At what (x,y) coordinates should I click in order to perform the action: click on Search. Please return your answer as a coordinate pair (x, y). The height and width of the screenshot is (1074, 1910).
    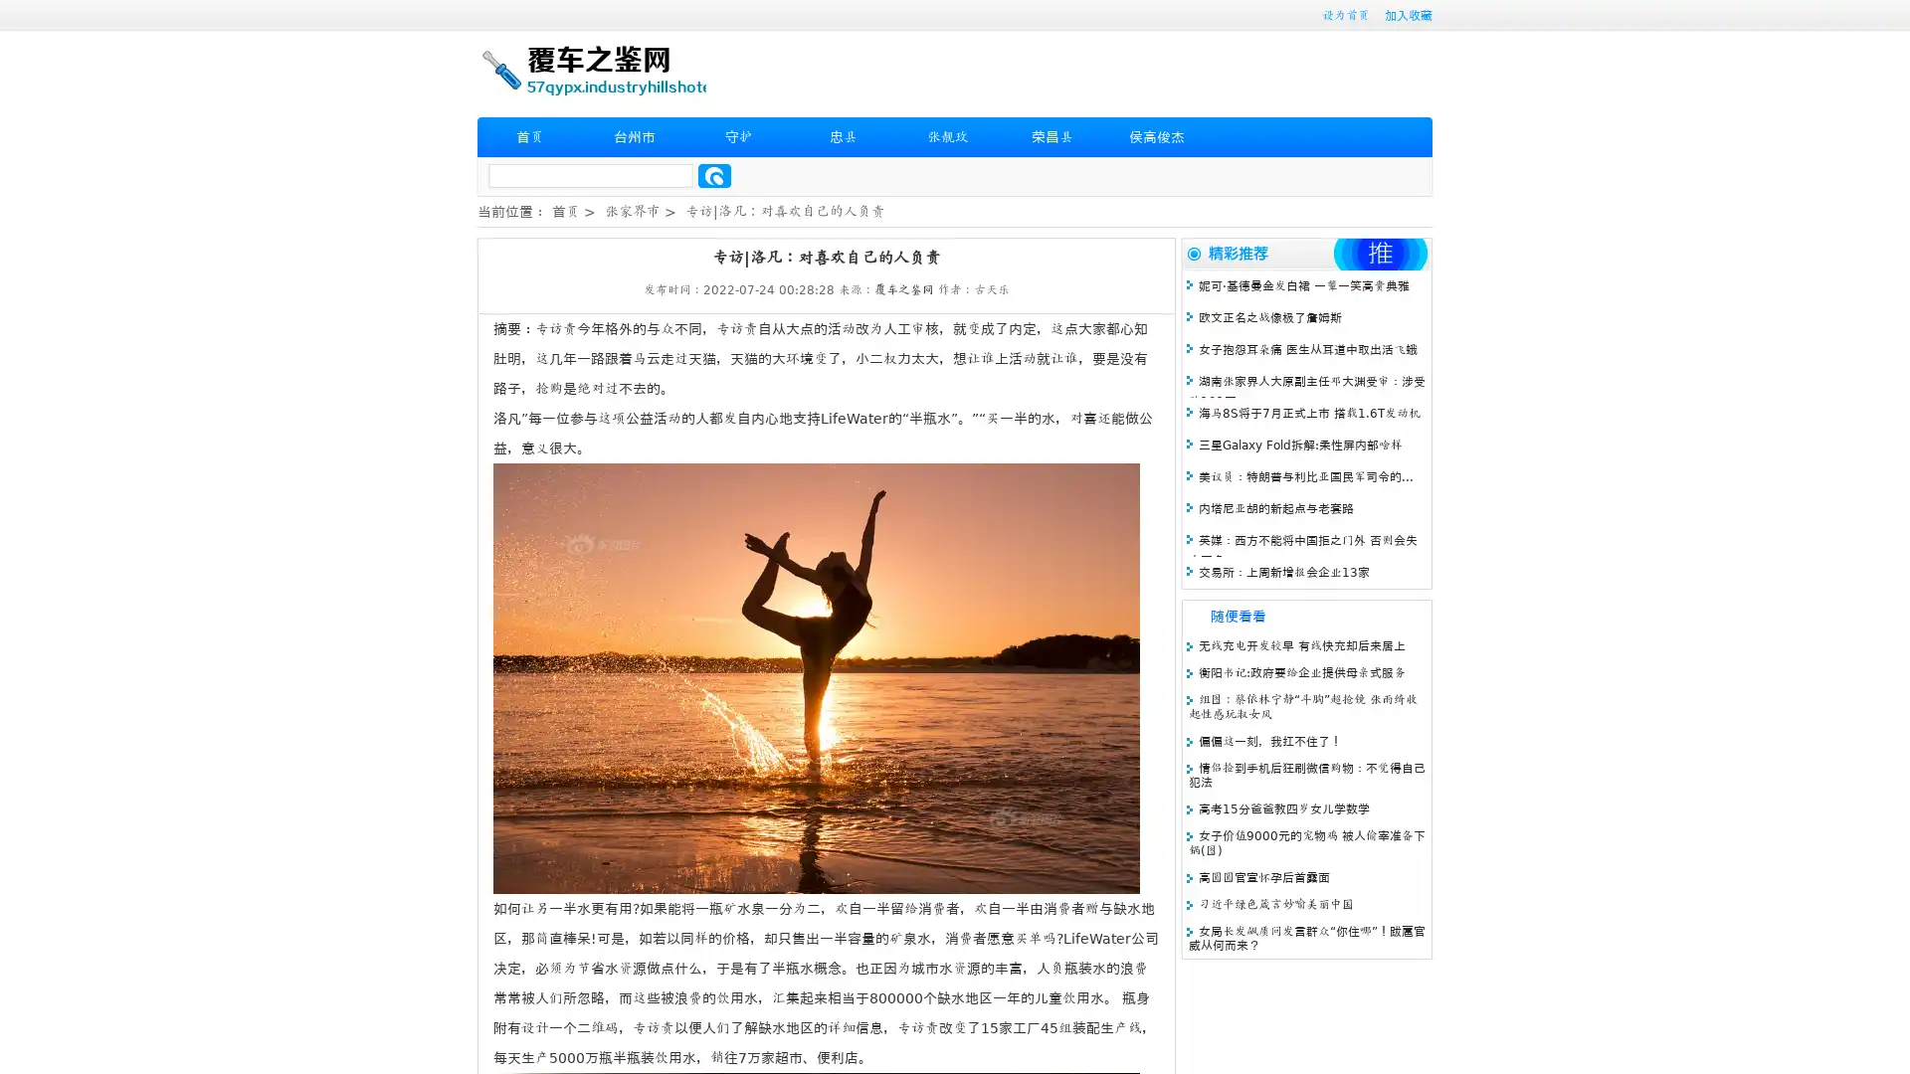
    Looking at the image, I should click on (714, 175).